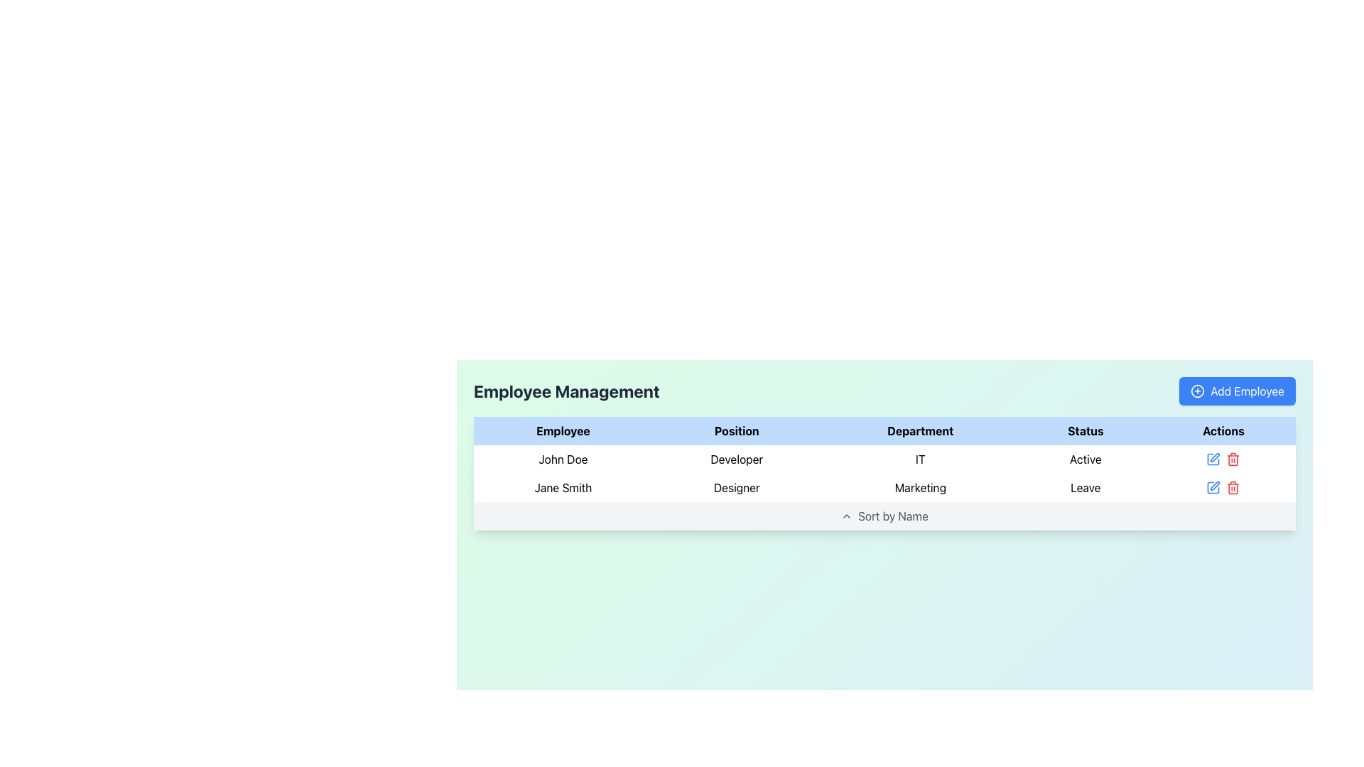  Describe the element at coordinates (884, 516) in the screenshot. I see `the clickable sorting indicator located at the bottom of the employee details table to visualize the hover effect` at that location.